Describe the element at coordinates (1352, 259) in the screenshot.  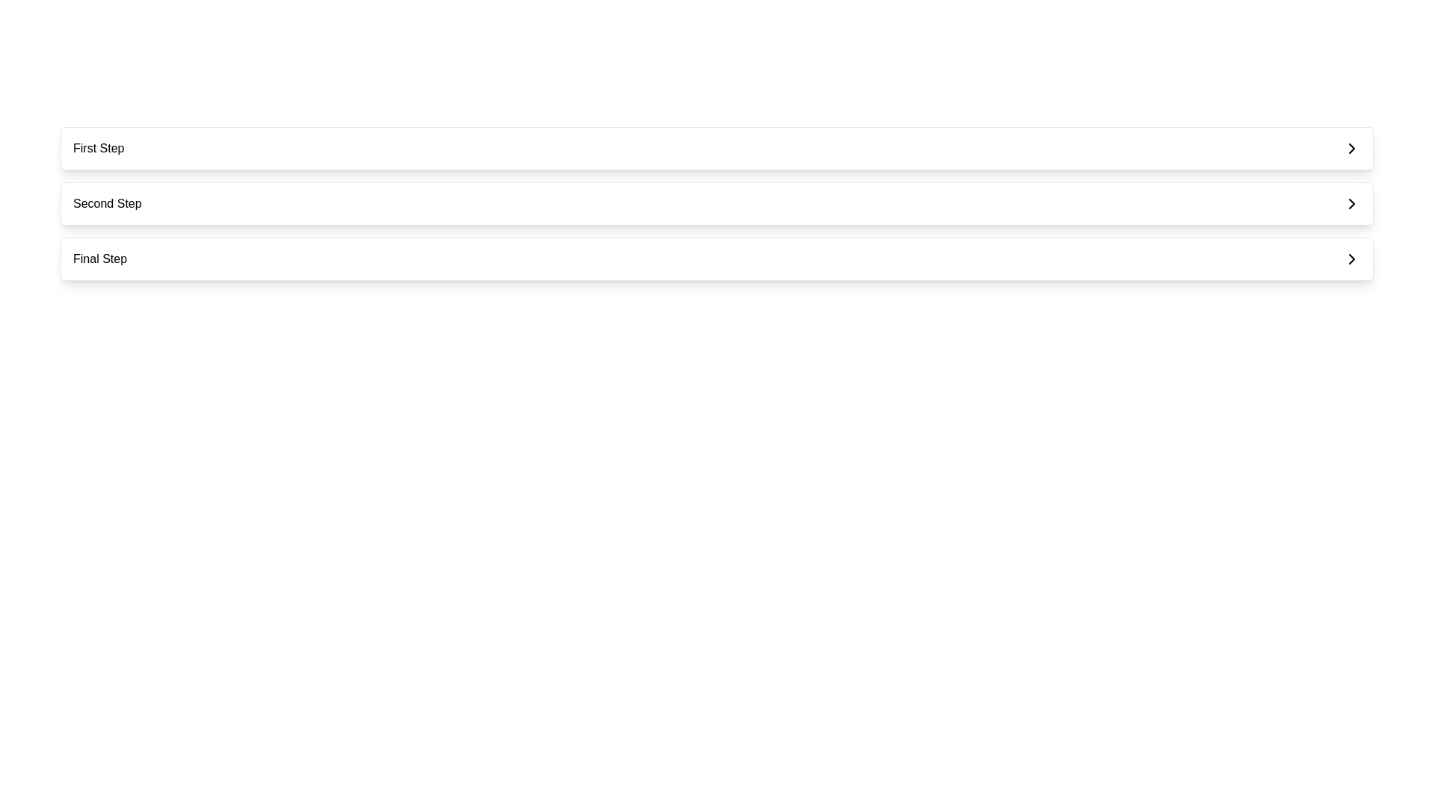
I see `the right-facing chevron icon at the far right of the 'Final Step' row to proceed` at that location.